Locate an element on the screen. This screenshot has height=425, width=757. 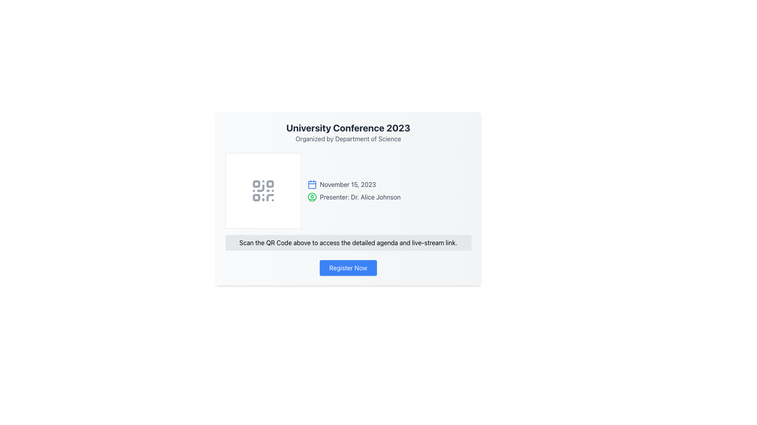
the Text Description element that provides instructions about the QR code above, located below the QR code and event details, and above the 'Register Now' button is located at coordinates (348, 242).